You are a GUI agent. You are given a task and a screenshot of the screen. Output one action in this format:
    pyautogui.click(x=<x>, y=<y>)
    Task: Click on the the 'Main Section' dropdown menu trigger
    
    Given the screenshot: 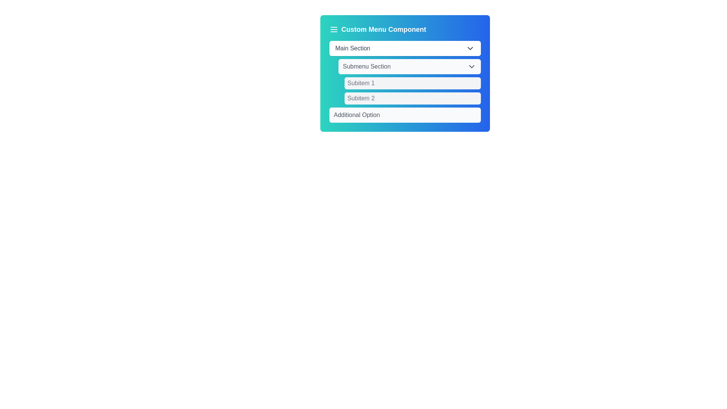 What is the action you would take?
    pyautogui.click(x=404, y=48)
    